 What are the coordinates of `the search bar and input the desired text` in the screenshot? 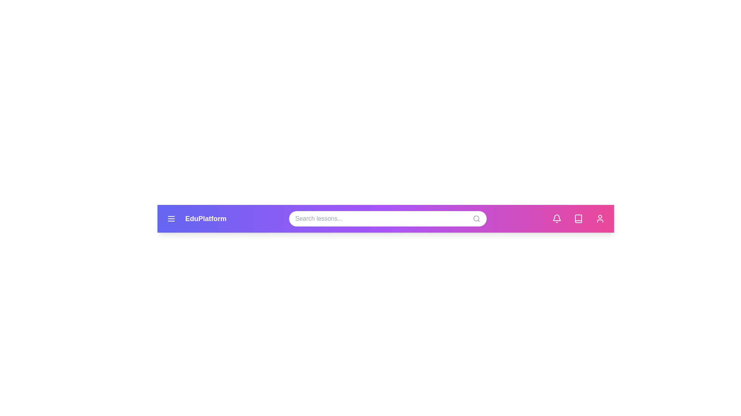 It's located at (387, 218).